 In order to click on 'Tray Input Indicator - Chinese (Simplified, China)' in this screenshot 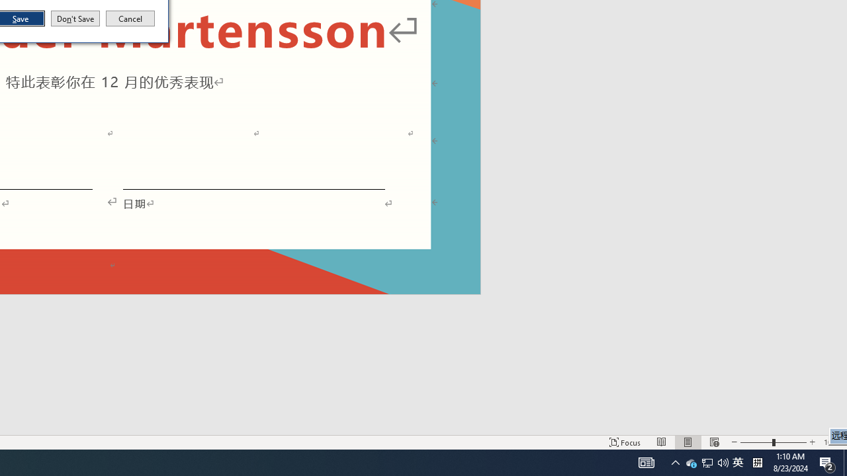, I will do `click(737, 461)`.